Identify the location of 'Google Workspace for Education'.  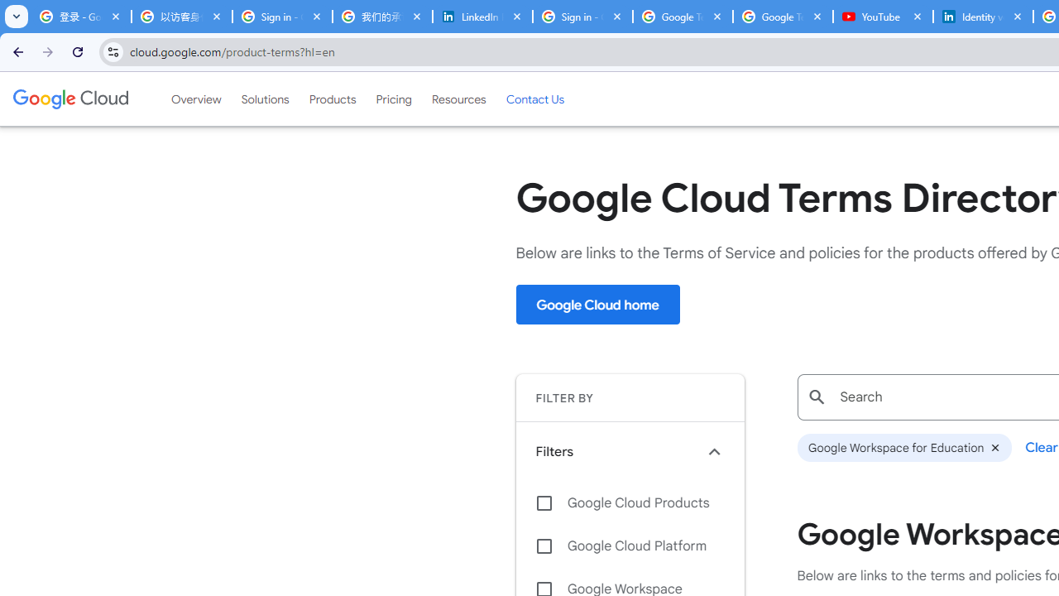
(903, 448).